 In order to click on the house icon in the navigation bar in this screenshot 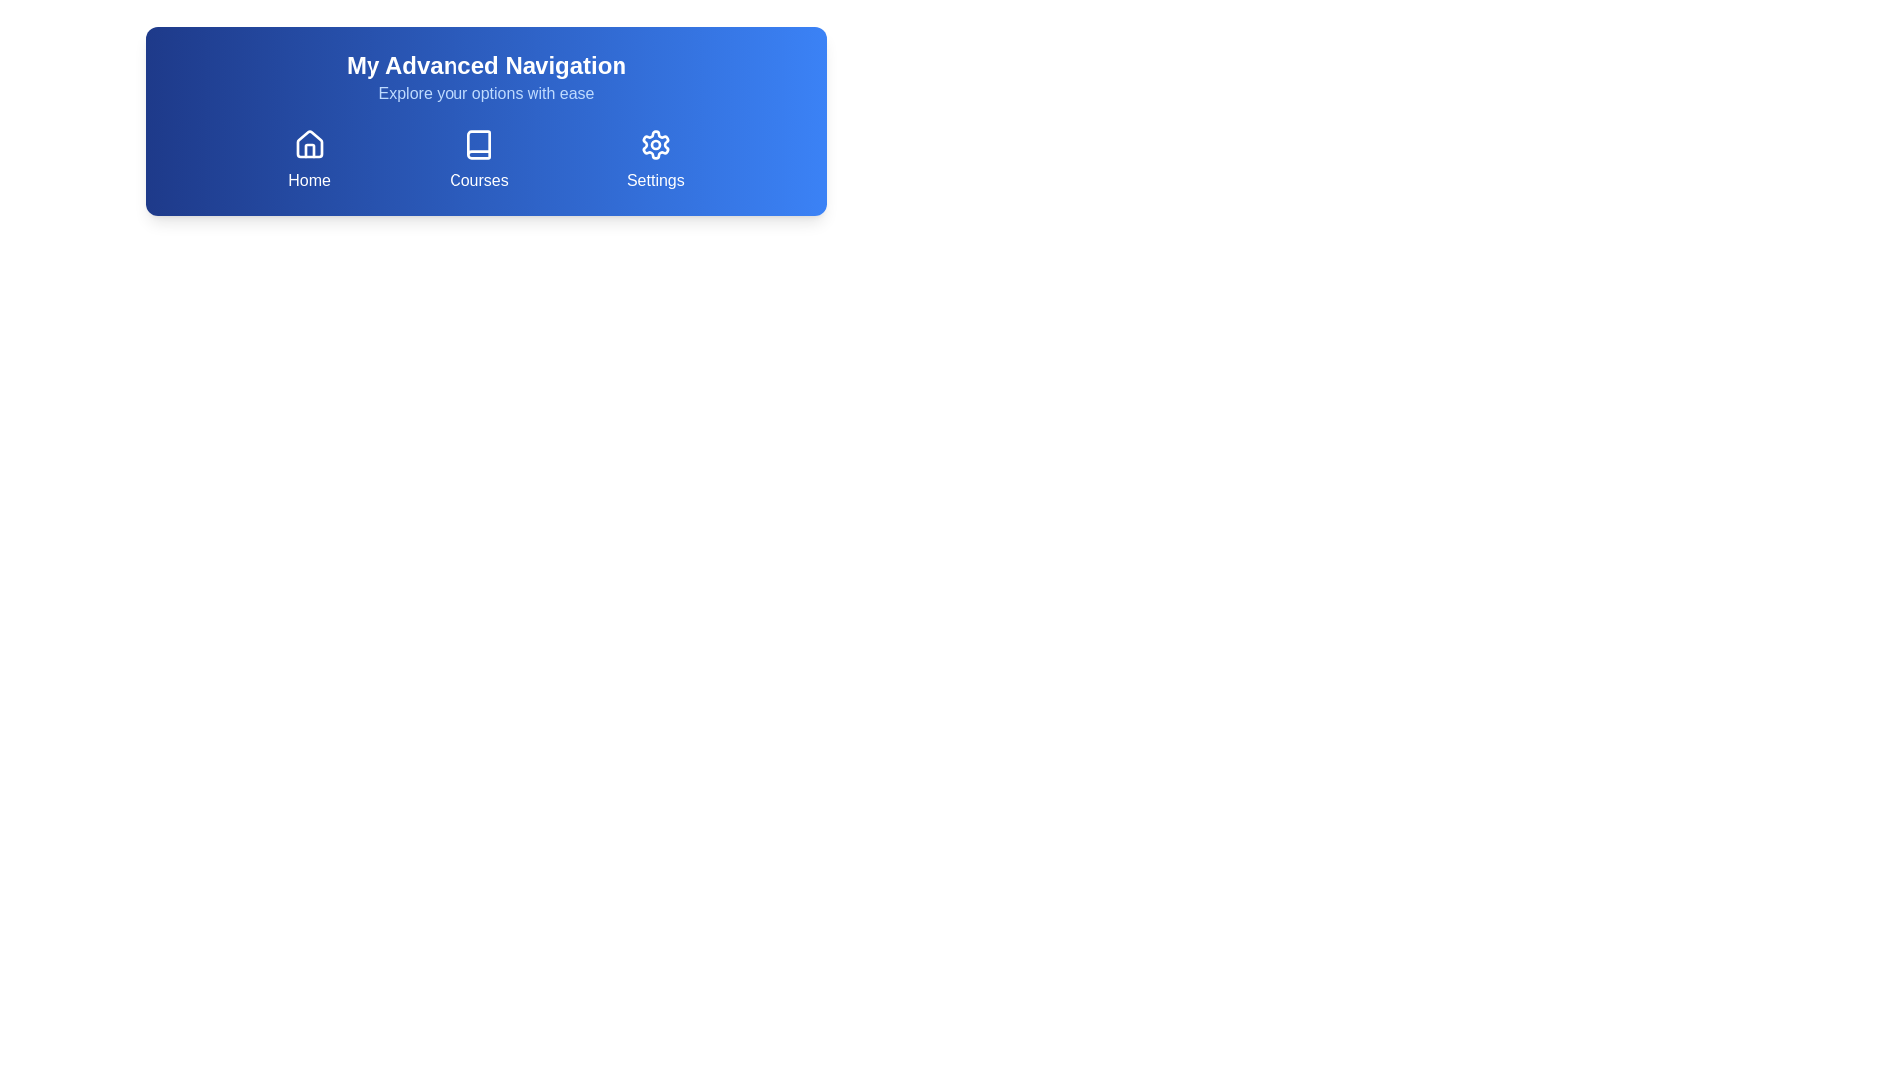, I will do `click(308, 143)`.